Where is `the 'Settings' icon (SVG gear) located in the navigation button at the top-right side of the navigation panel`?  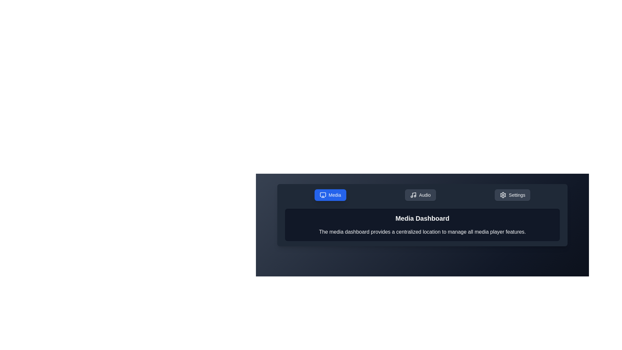
the 'Settings' icon (SVG gear) located in the navigation button at the top-right side of the navigation panel is located at coordinates (502, 194).